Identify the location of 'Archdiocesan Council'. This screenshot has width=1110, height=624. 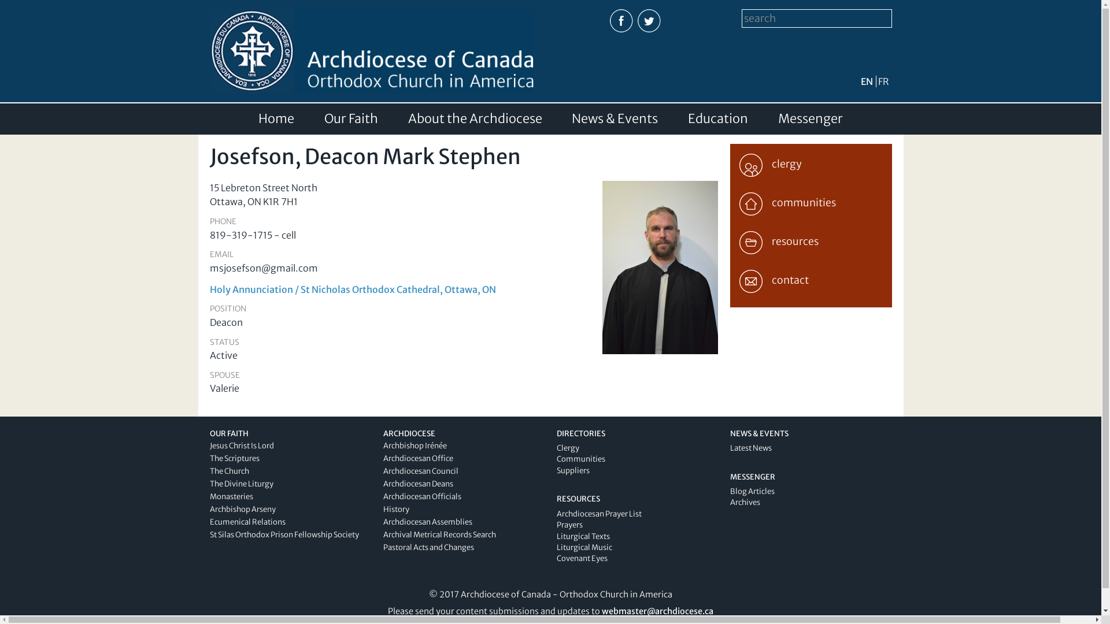
(419, 471).